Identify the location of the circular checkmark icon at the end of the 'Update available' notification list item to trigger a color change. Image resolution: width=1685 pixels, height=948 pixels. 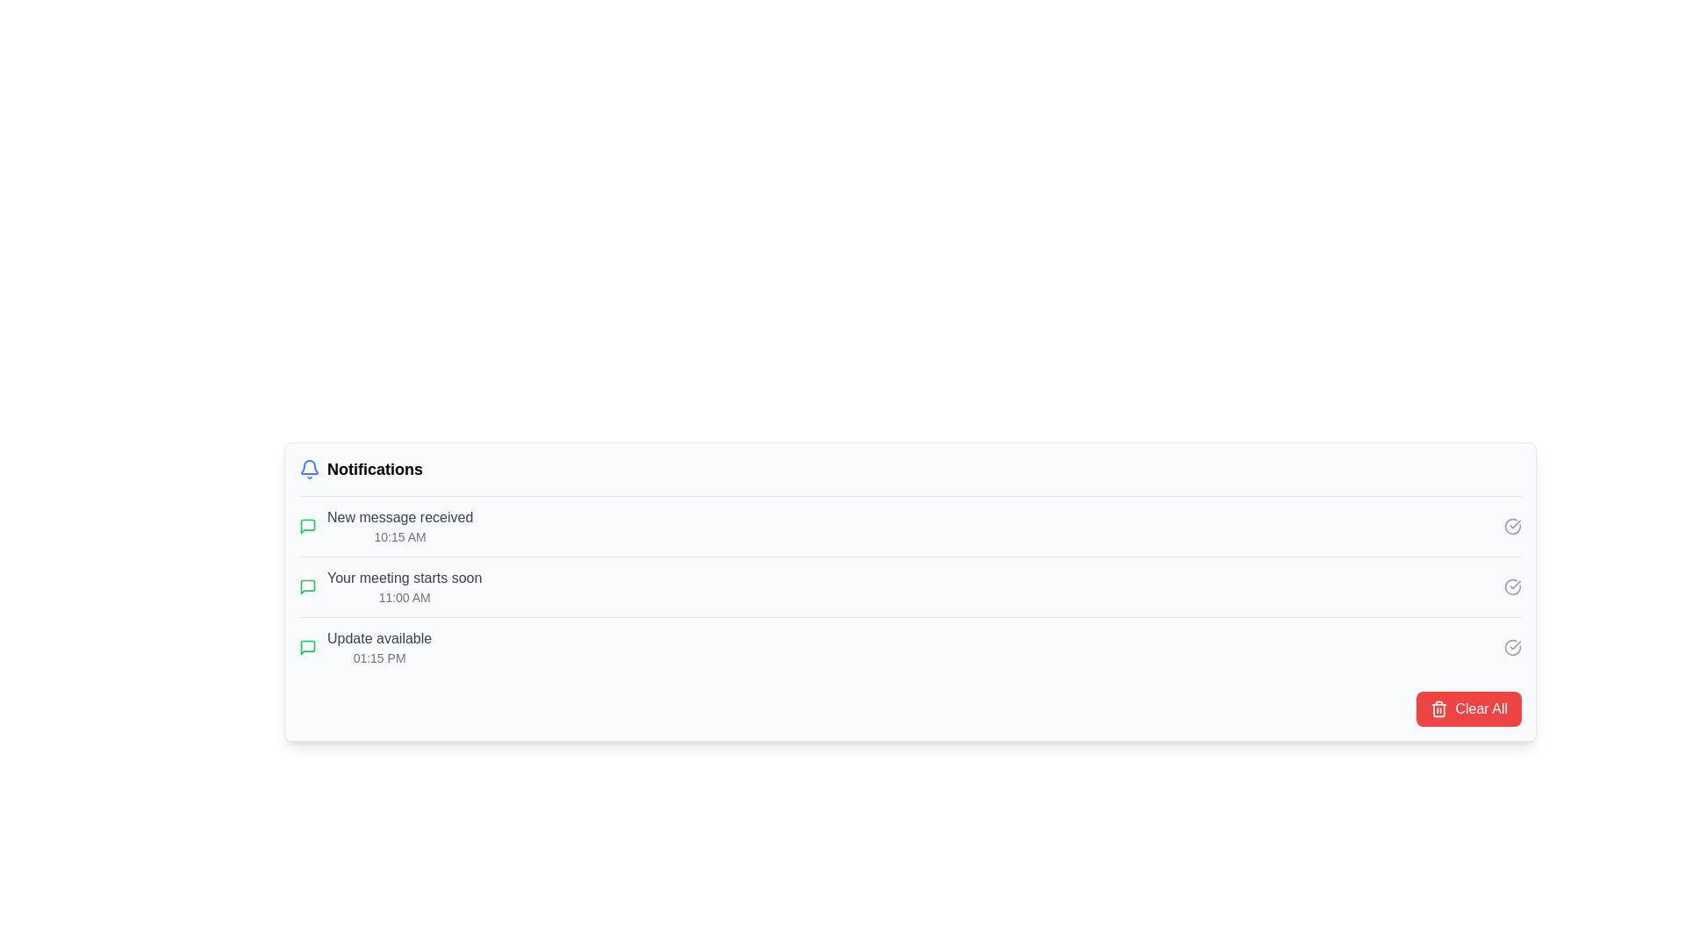
(1511, 586).